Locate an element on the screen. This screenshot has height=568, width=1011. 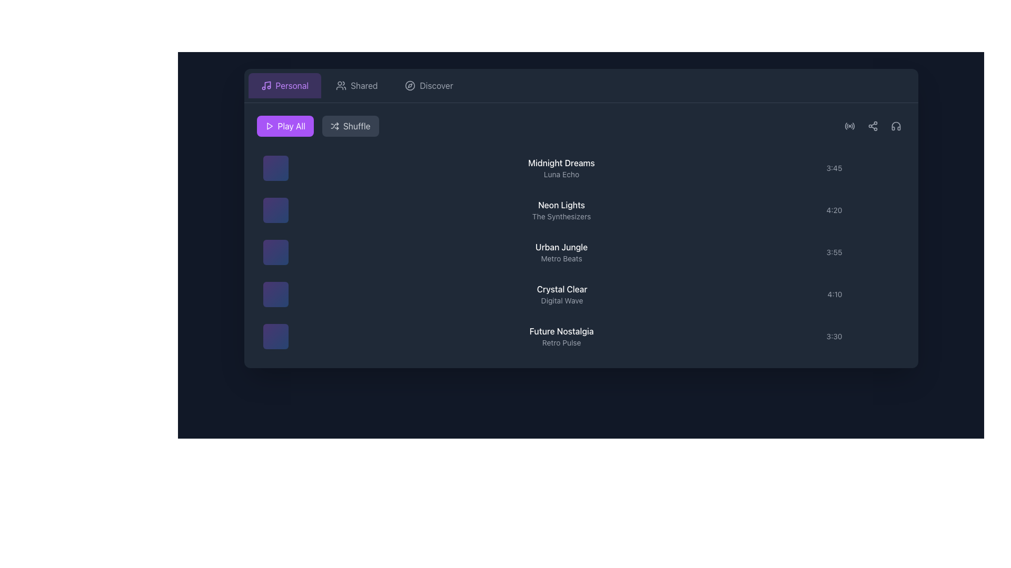
the share button located in the upper-right corner of the main interface is located at coordinates (873, 125).